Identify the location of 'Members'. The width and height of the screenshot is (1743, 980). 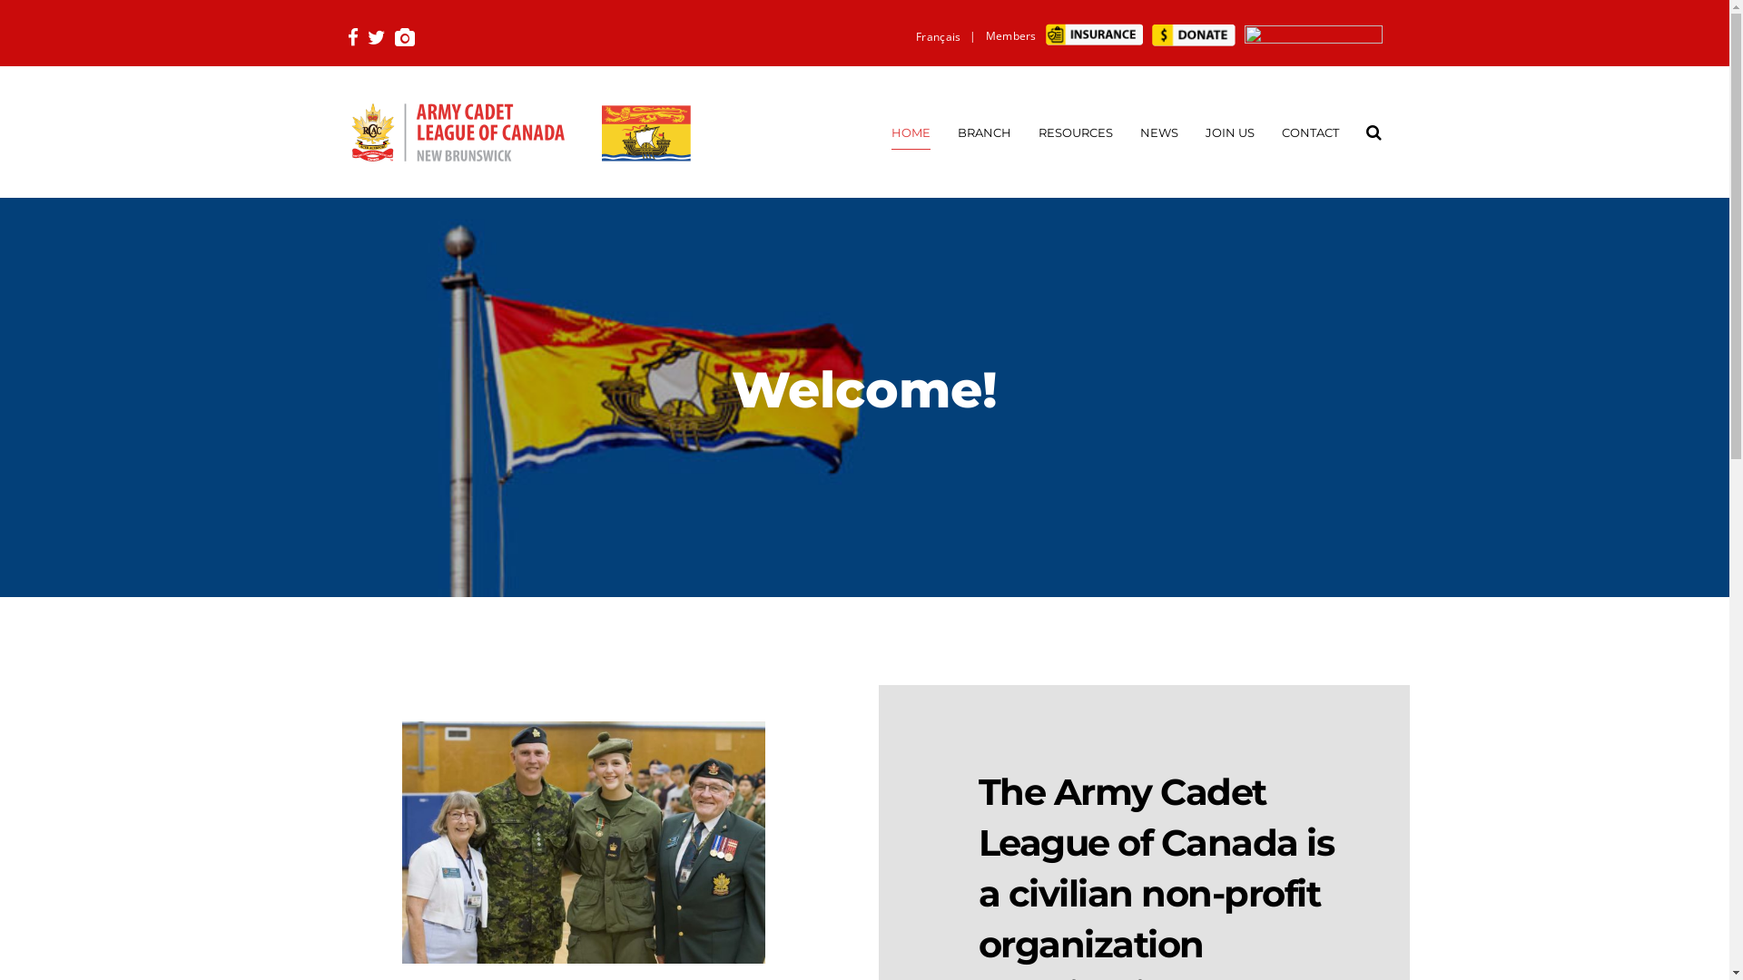
(1009, 35).